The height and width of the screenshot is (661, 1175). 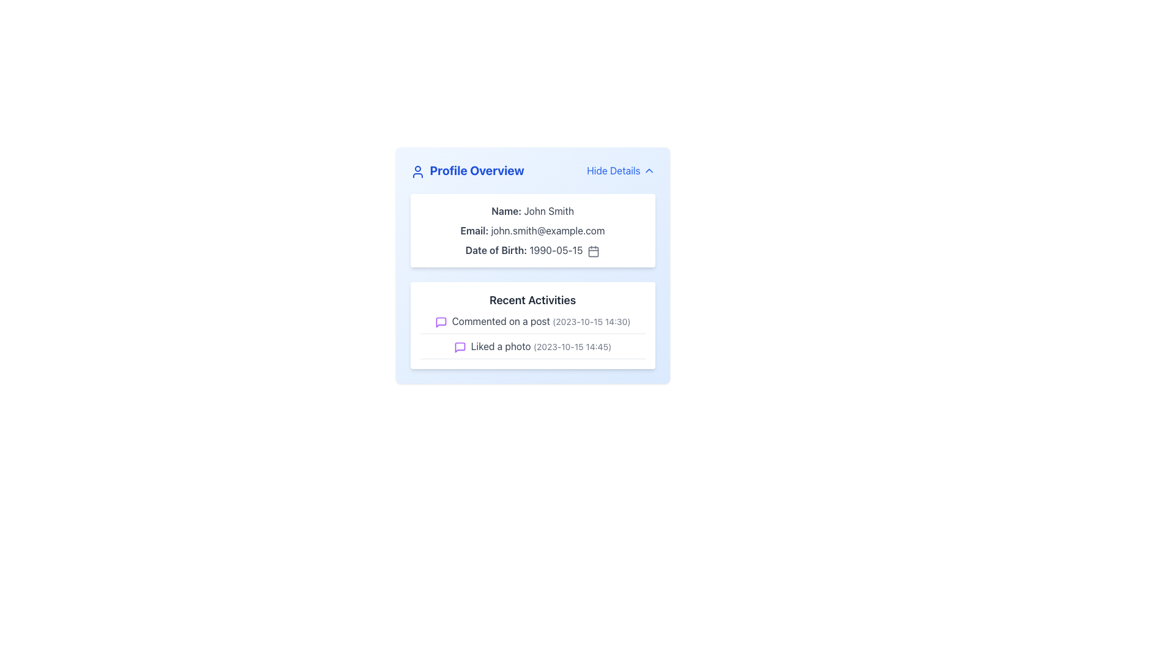 I want to click on the text label displaying the user's name 'John Smith', which is located at the top of a white card with rounded corners, so click(x=532, y=210).